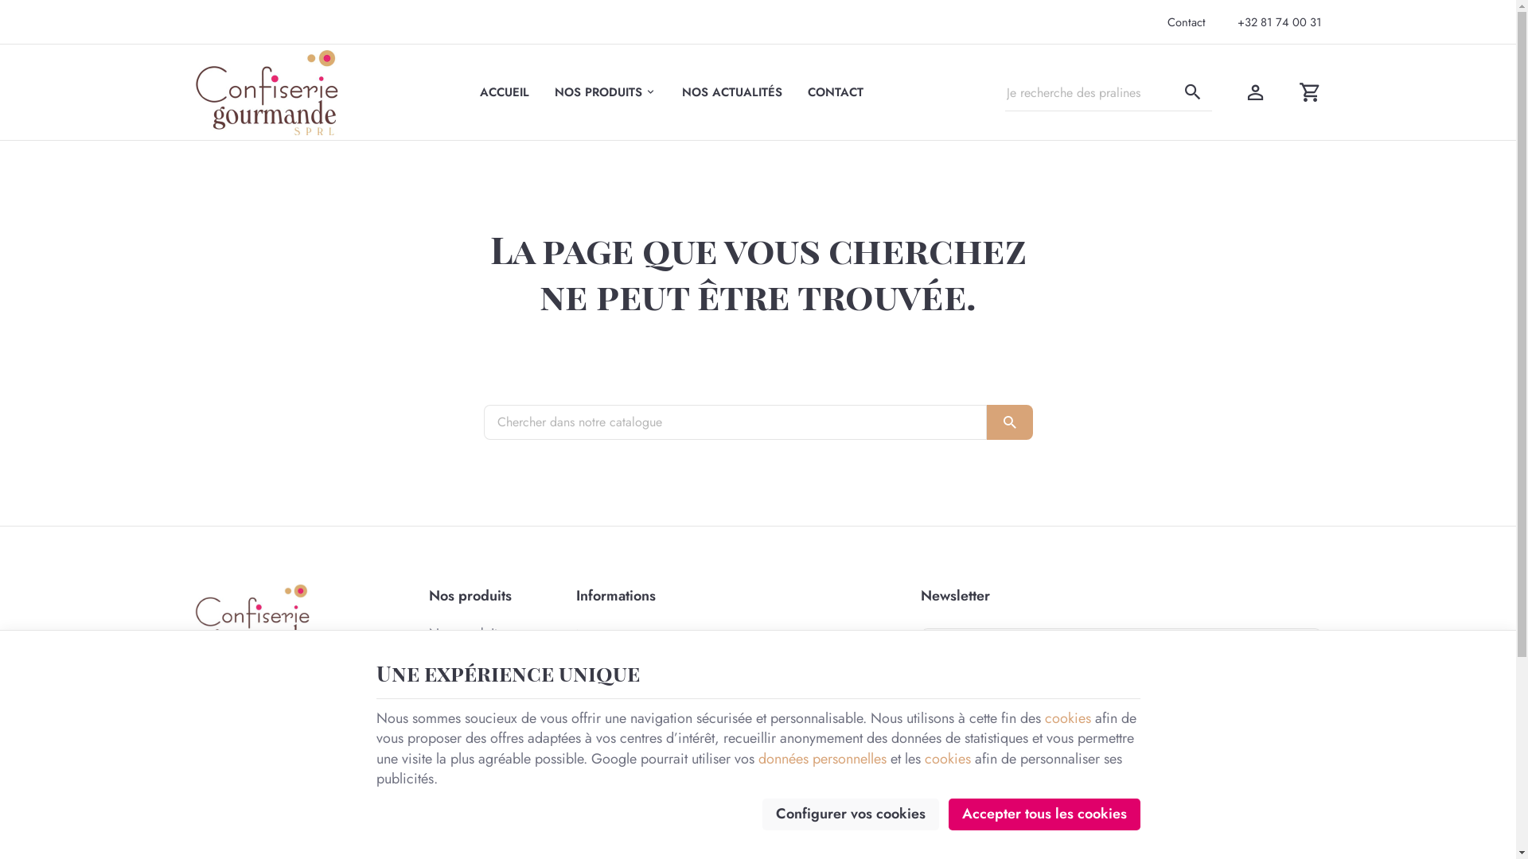 Image resolution: width=1528 pixels, height=859 pixels. What do you see at coordinates (1280, 21) in the screenshot?
I see `'+32 81 74 00 31'` at bounding box center [1280, 21].